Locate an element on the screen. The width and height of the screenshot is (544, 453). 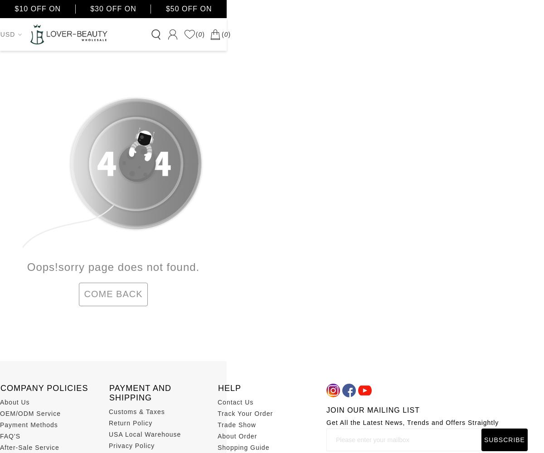
'Customs & Taxes' is located at coordinates (136, 411).